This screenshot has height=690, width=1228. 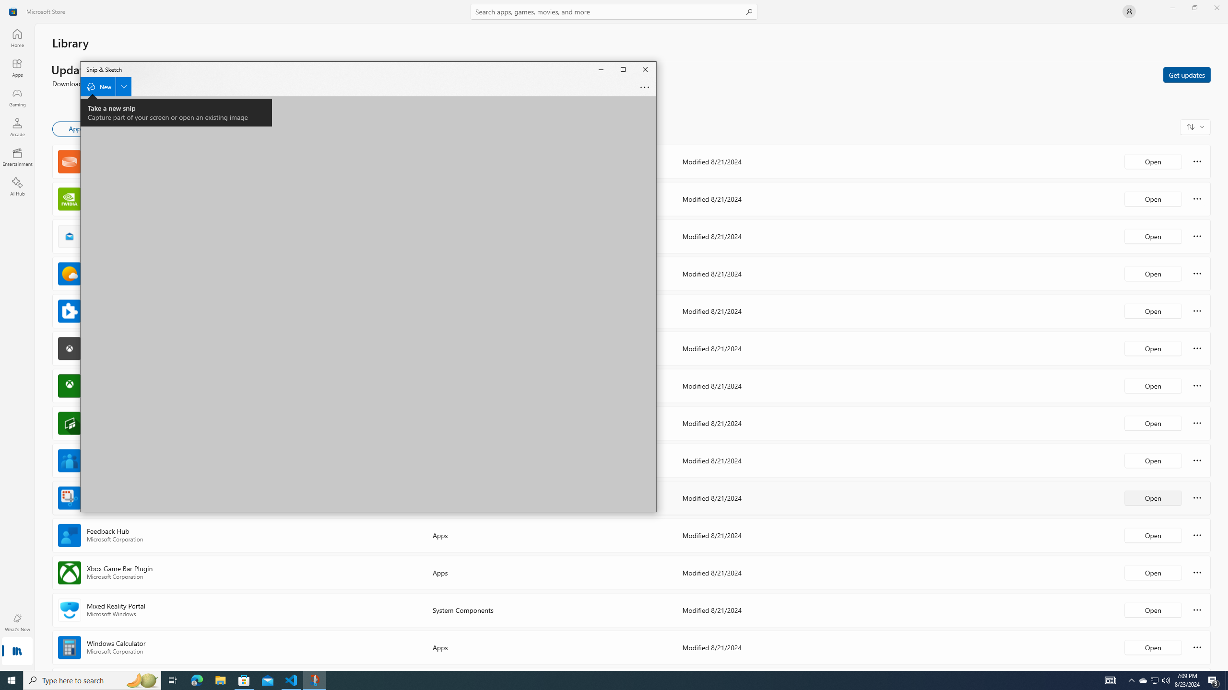 I want to click on 'User profile', so click(x=1128, y=11).